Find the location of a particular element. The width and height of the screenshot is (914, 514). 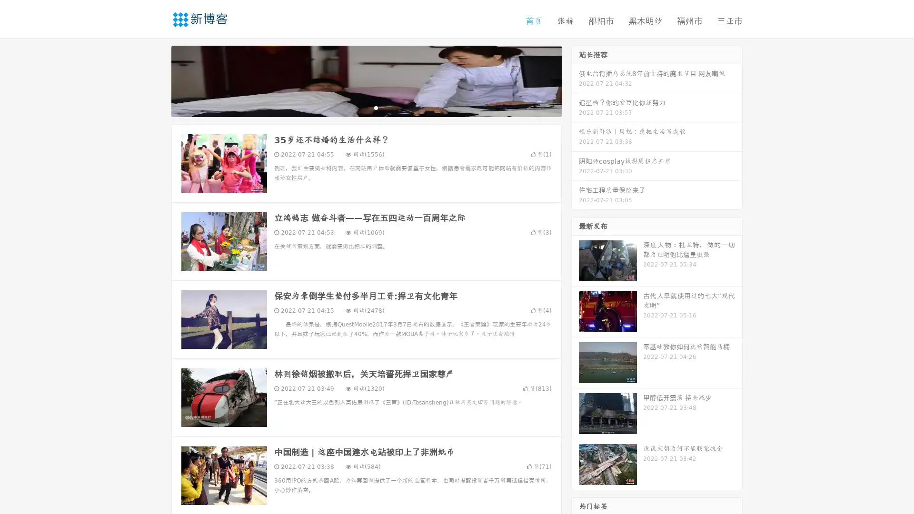

Next slide is located at coordinates (575, 80).